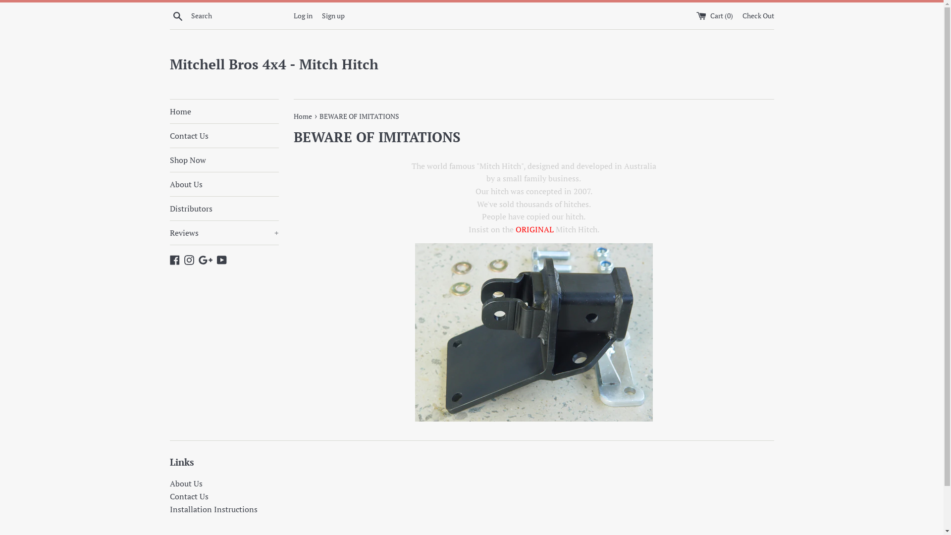 The height and width of the screenshot is (535, 951). I want to click on 'Search', so click(177, 15).